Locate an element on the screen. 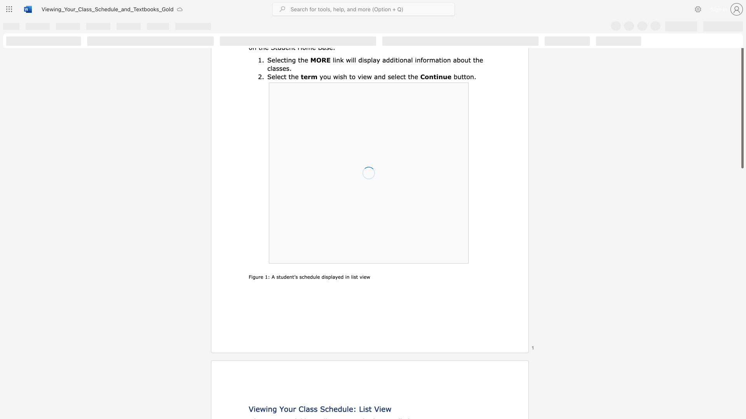 Image resolution: width=746 pixels, height=419 pixels. the scrollbar and move down 990 pixels is located at coordinates (742, 107).